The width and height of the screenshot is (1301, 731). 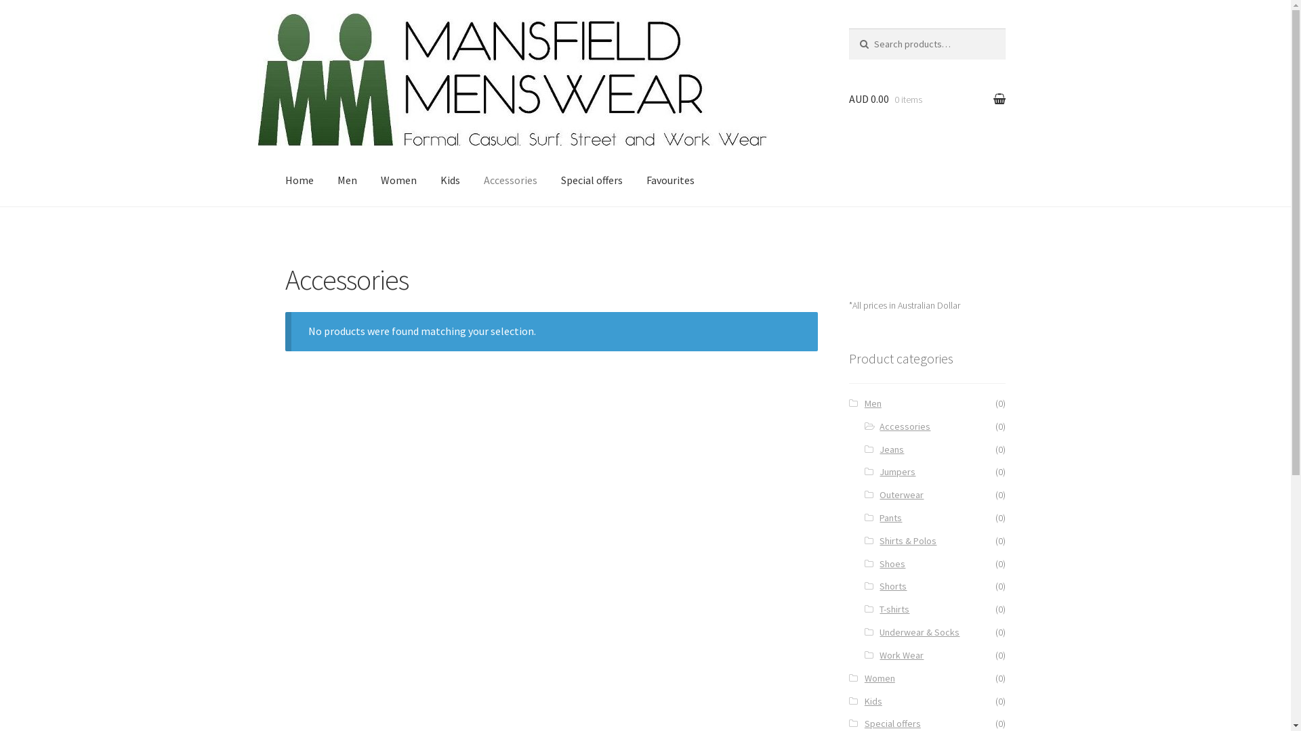 I want to click on 'Kids', so click(x=873, y=701).